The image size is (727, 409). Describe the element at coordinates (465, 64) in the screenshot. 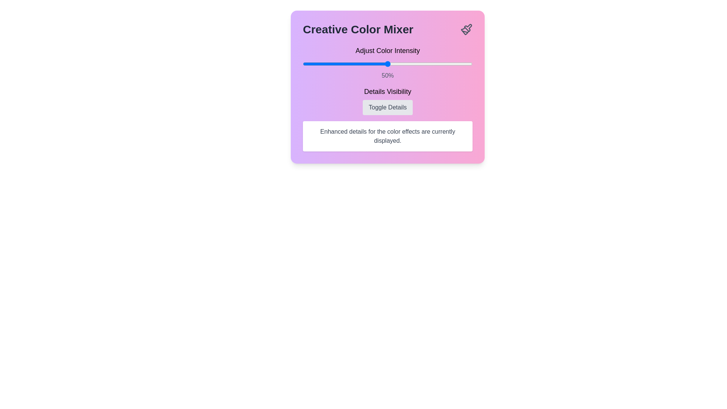

I see `the color intensity` at that location.